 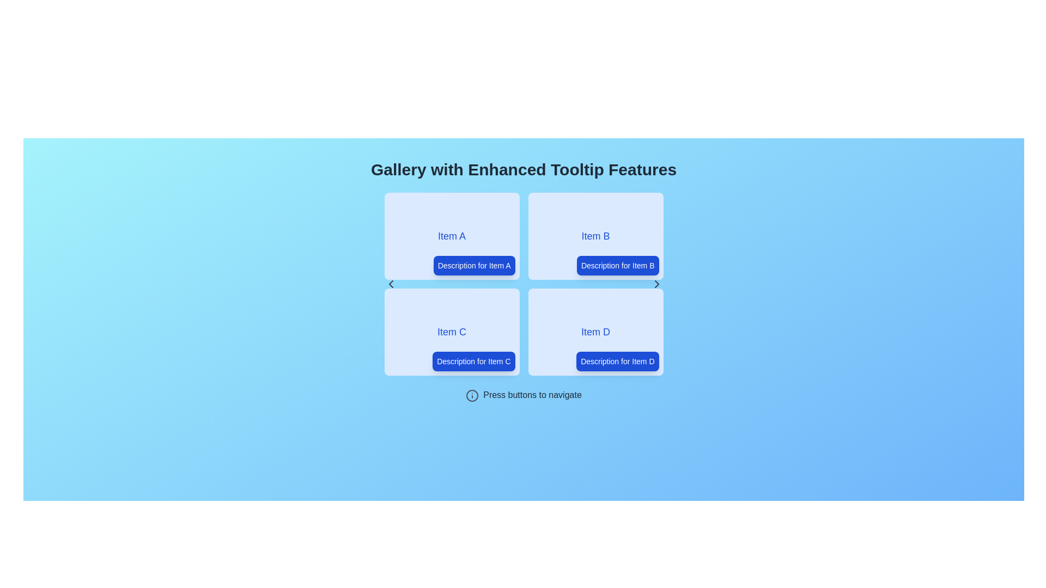 I want to click on the text label that says 'Press buttons to navigate', styled in gray color with a circular icon on its left side, located beneath the grouped items and above the navigational arrows, so click(x=524, y=395).